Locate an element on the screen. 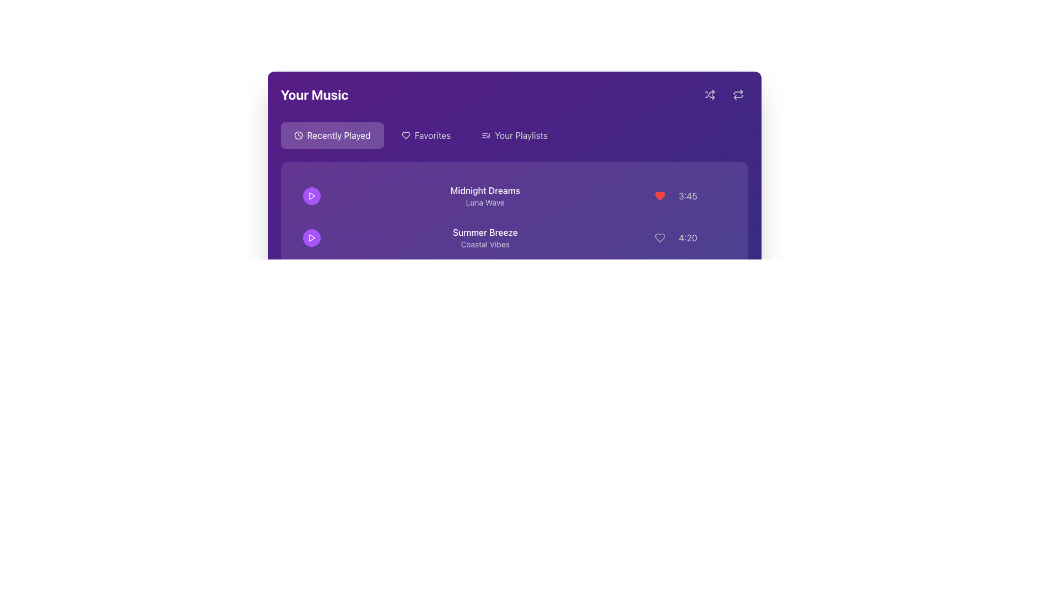  the subtitle text/label providing additional context about the 'Summer Breeze' track, which is positioned beneath the 'Summer Breeze' title is located at coordinates (485, 244).